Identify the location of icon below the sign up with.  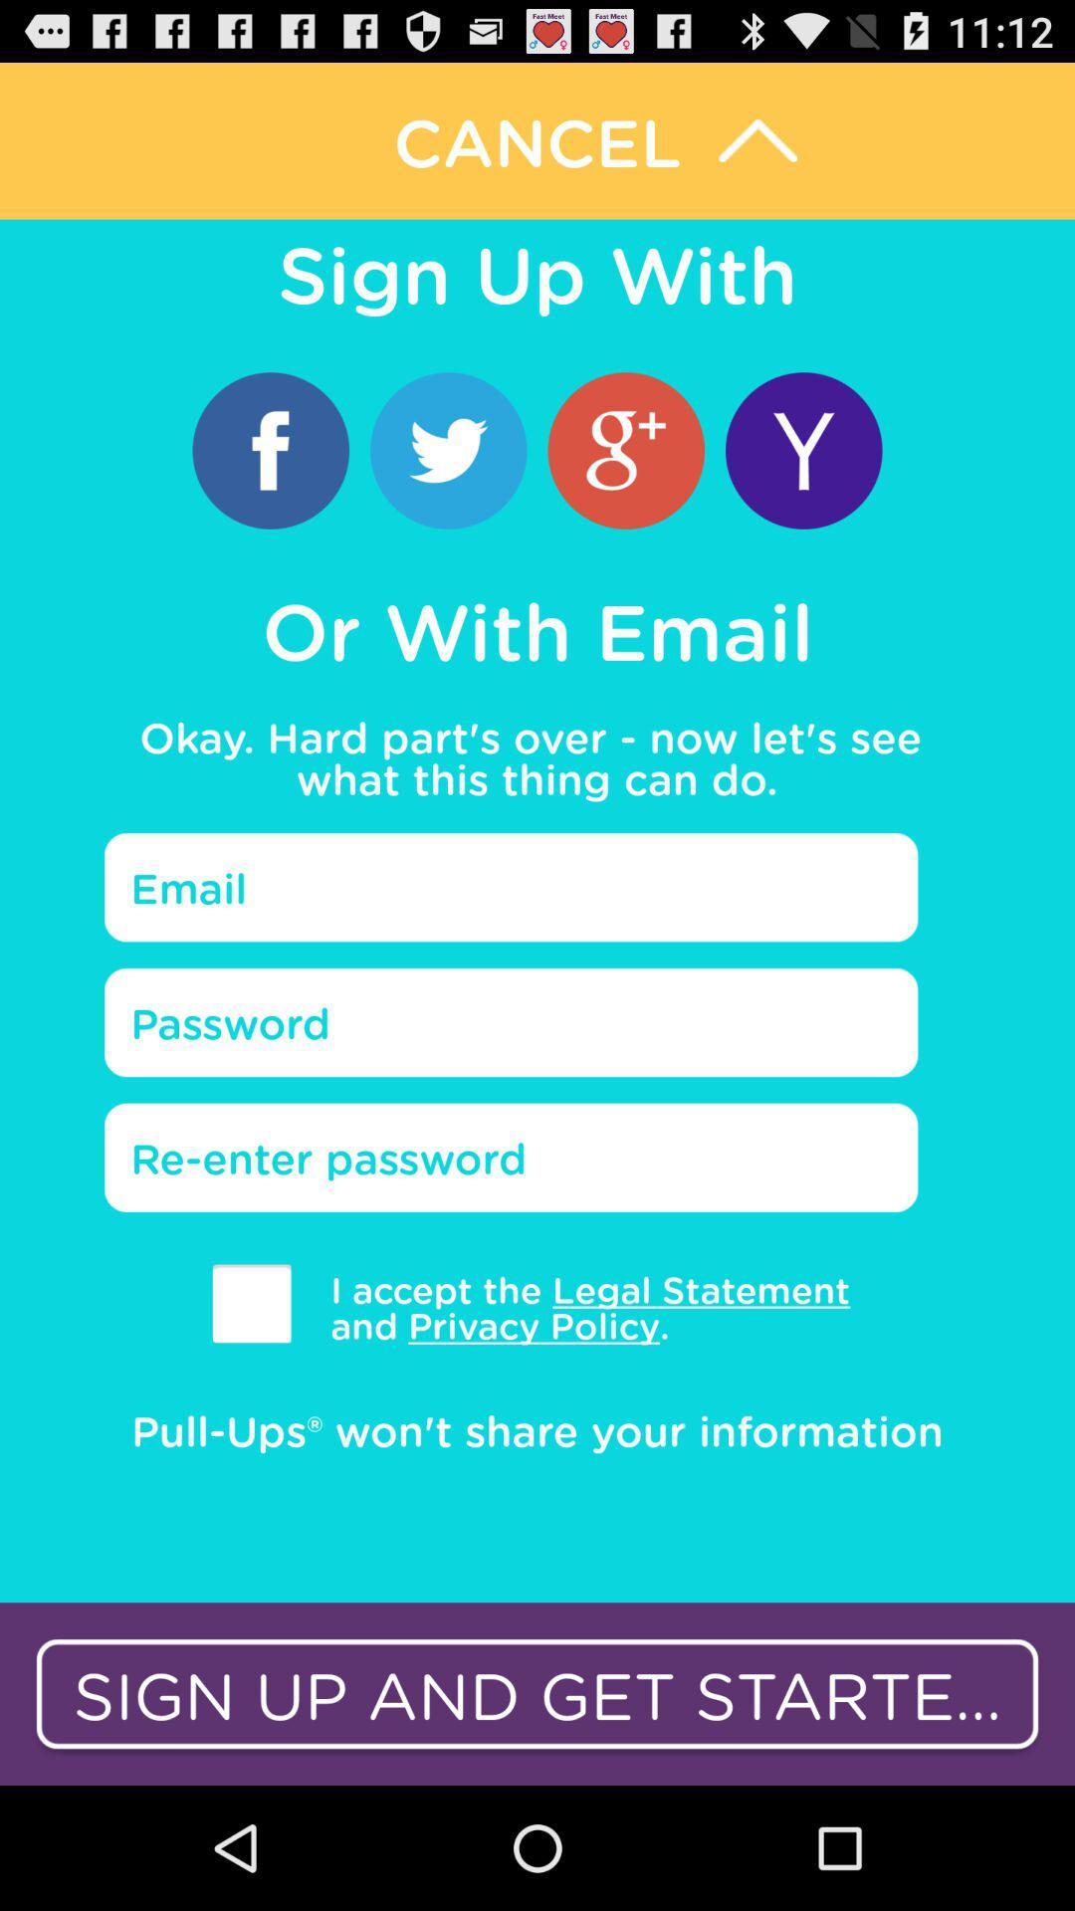
(271, 449).